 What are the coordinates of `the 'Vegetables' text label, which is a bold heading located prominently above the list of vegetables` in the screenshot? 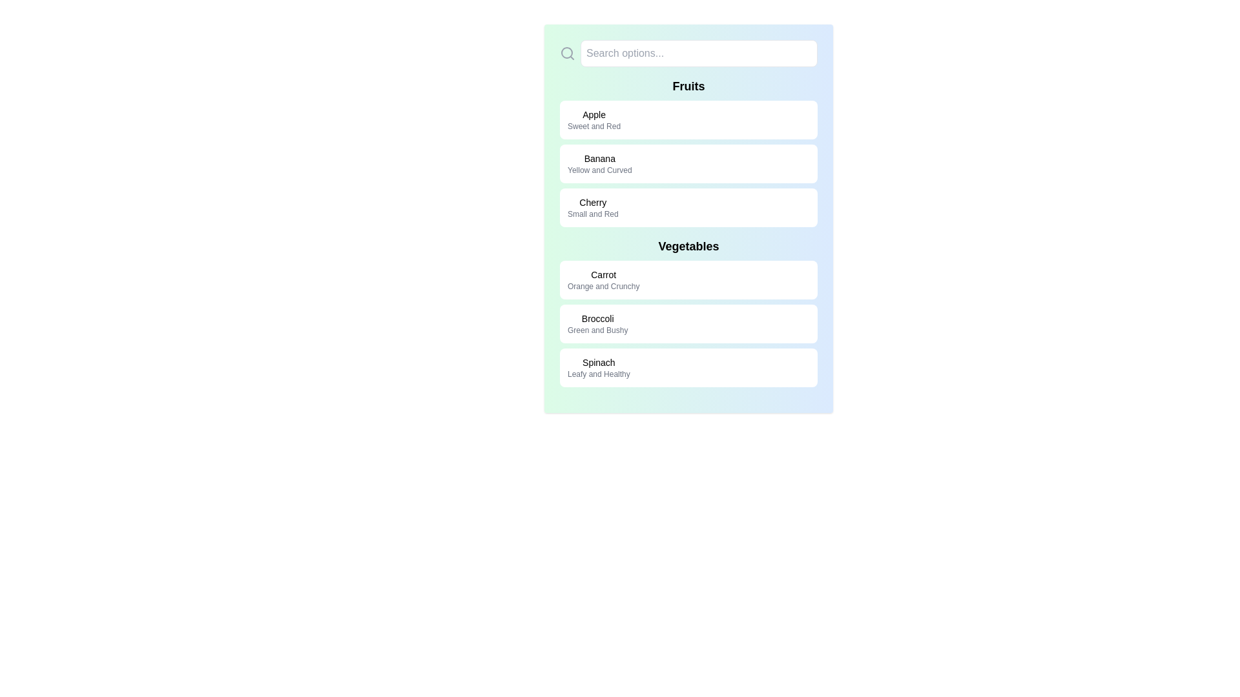 It's located at (688, 246).